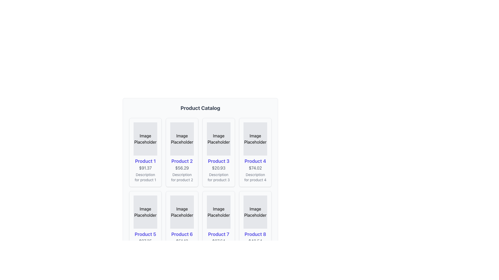 This screenshot has width=499, height=280. Describe the element at coordinates (182, 212) in the screenshot. I see `the static text or placeholder image representing 'Product 6' in the second row of the product catalog` at that location.